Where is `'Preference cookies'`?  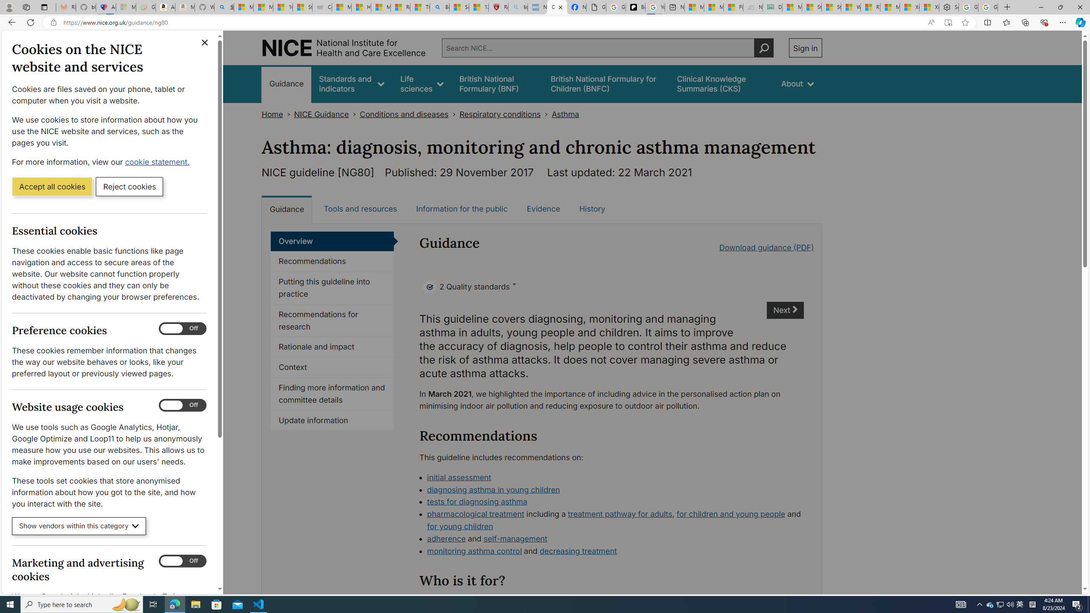
'Preference cookies' is located at coordinates (182, 328).